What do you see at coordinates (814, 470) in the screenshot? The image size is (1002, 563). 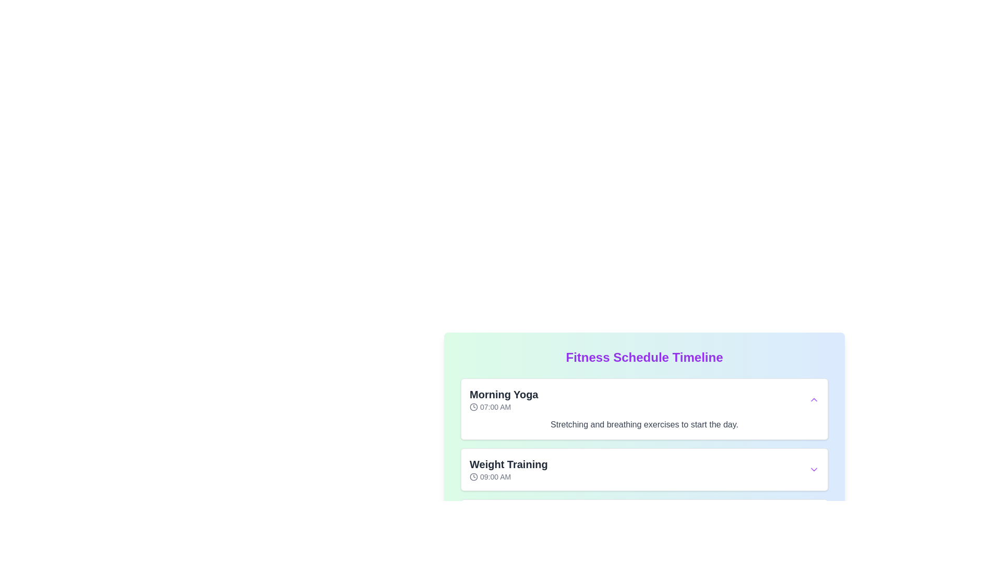 I see `the purple chevron-shaped icon button located to the right of the 'Weight Training 09:00 AM' text` at bounding box center [814, 470].